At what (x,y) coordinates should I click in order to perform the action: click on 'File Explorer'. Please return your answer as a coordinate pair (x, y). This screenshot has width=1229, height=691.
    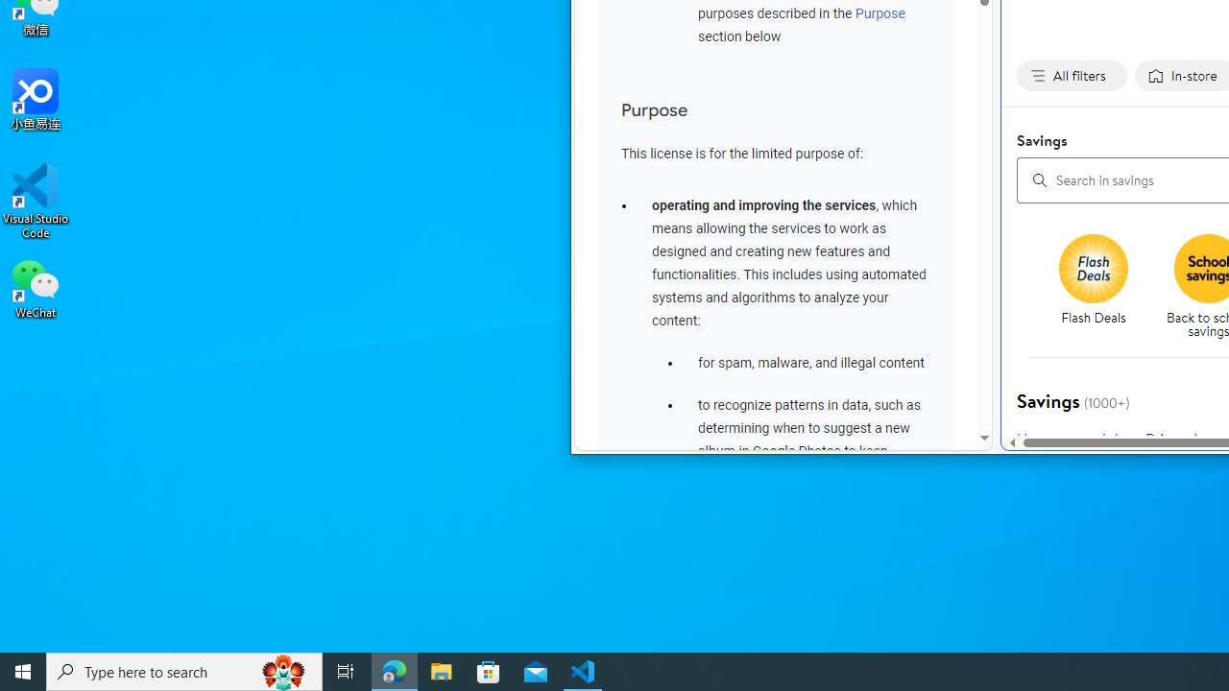
    Looking at the image, I should click on (441, 670).